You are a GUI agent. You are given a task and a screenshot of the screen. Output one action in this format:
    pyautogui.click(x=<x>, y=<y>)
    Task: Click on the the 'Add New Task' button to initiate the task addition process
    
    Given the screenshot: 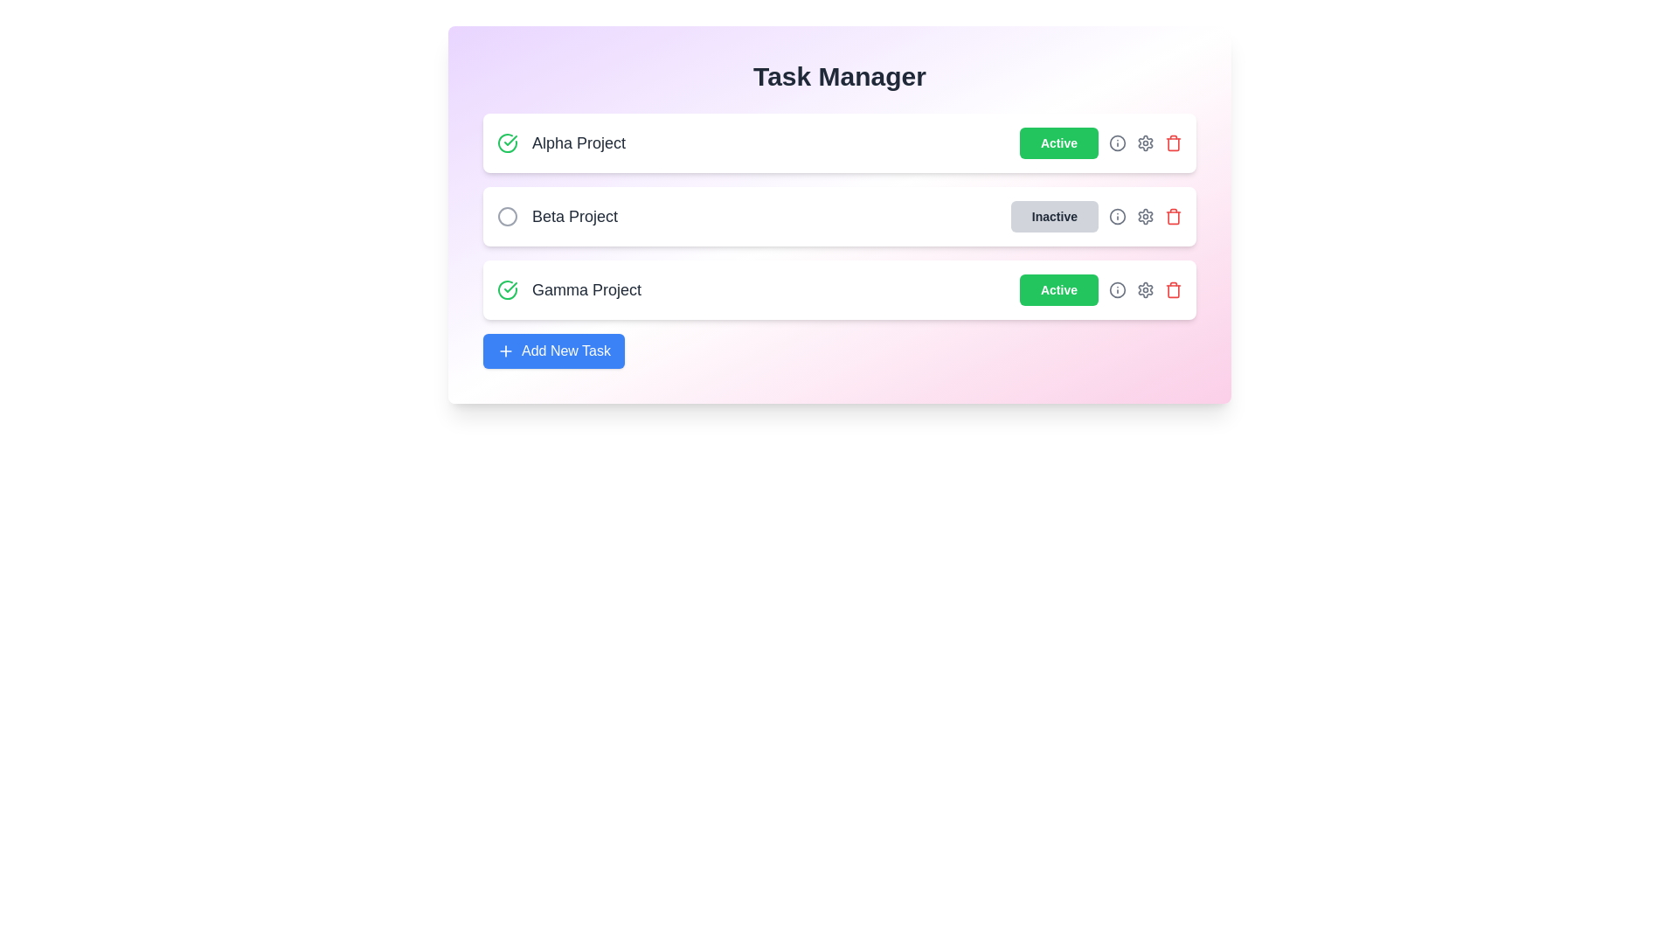 What is the action you would take?
    pyautogui.click(x=552, y=351)
    